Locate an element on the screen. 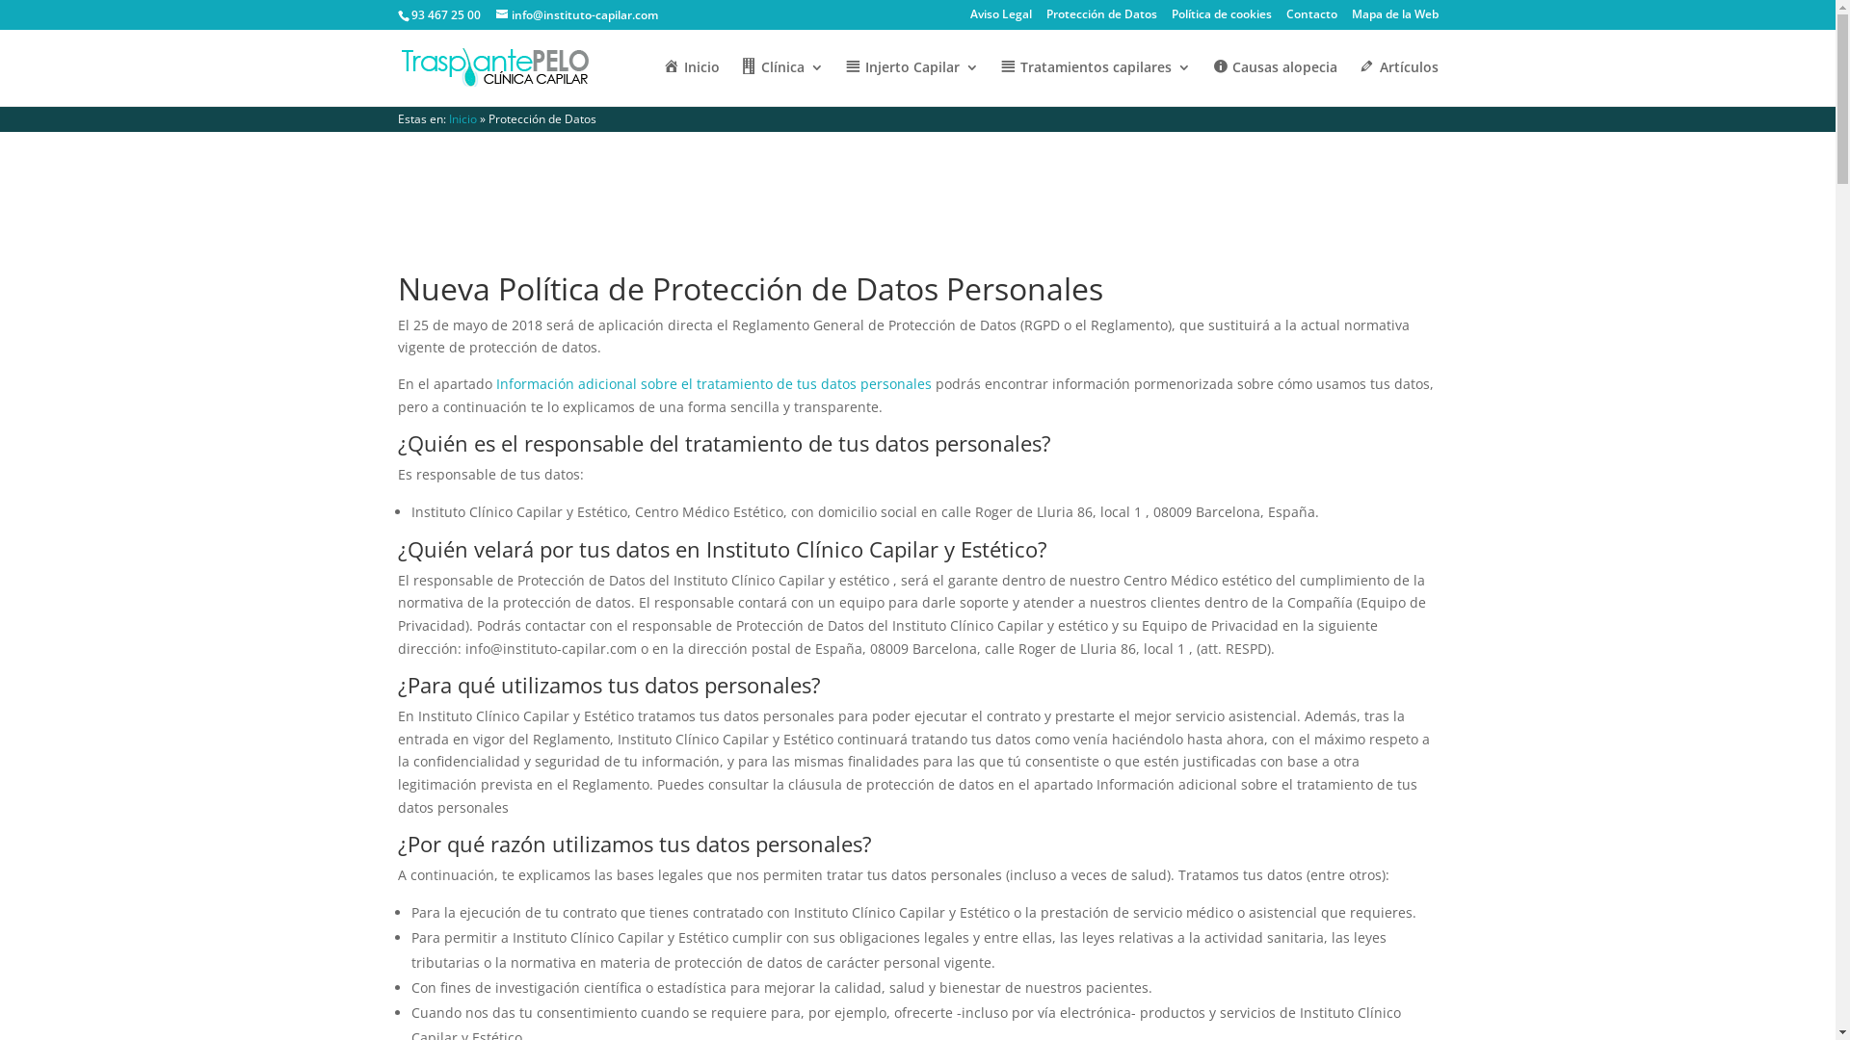 This screenshot has height=1040, width=1850. 'Injerto Capilar' is located at coordinates (911, 82).